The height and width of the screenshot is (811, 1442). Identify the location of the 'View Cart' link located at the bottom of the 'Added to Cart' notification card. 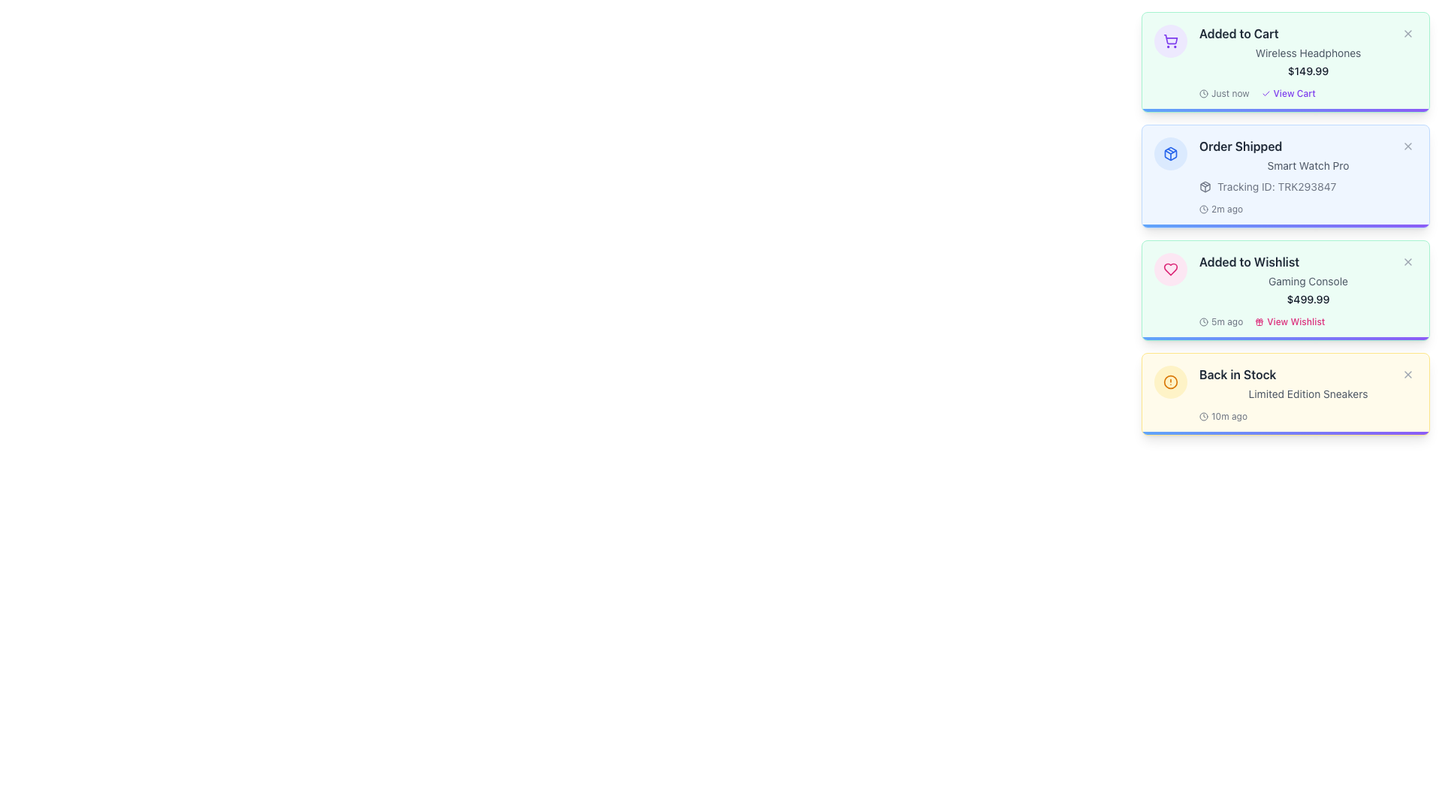
(1308, 93).